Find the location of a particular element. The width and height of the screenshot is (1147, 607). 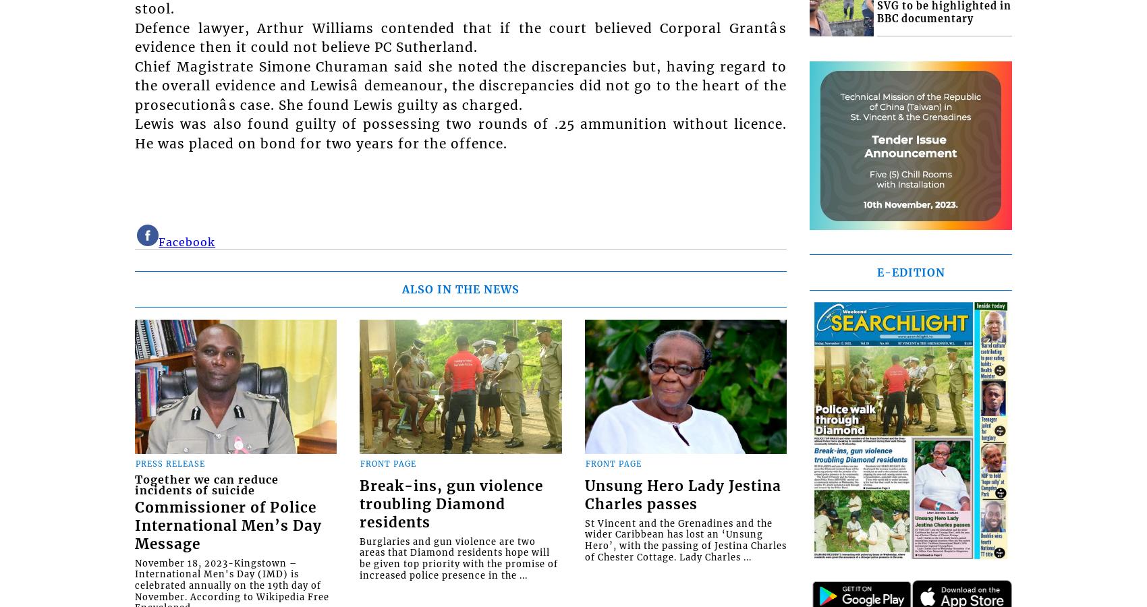

'Chief Magistrate Simone Churaman said she noted the discrepancies but, having regard to the overall evidence and Lewisâ demeanour, the discrepancies did not go to the heart of the prosecutionâs case. She found Lewis guilty as charged.' is located at coordinates (461, 85).